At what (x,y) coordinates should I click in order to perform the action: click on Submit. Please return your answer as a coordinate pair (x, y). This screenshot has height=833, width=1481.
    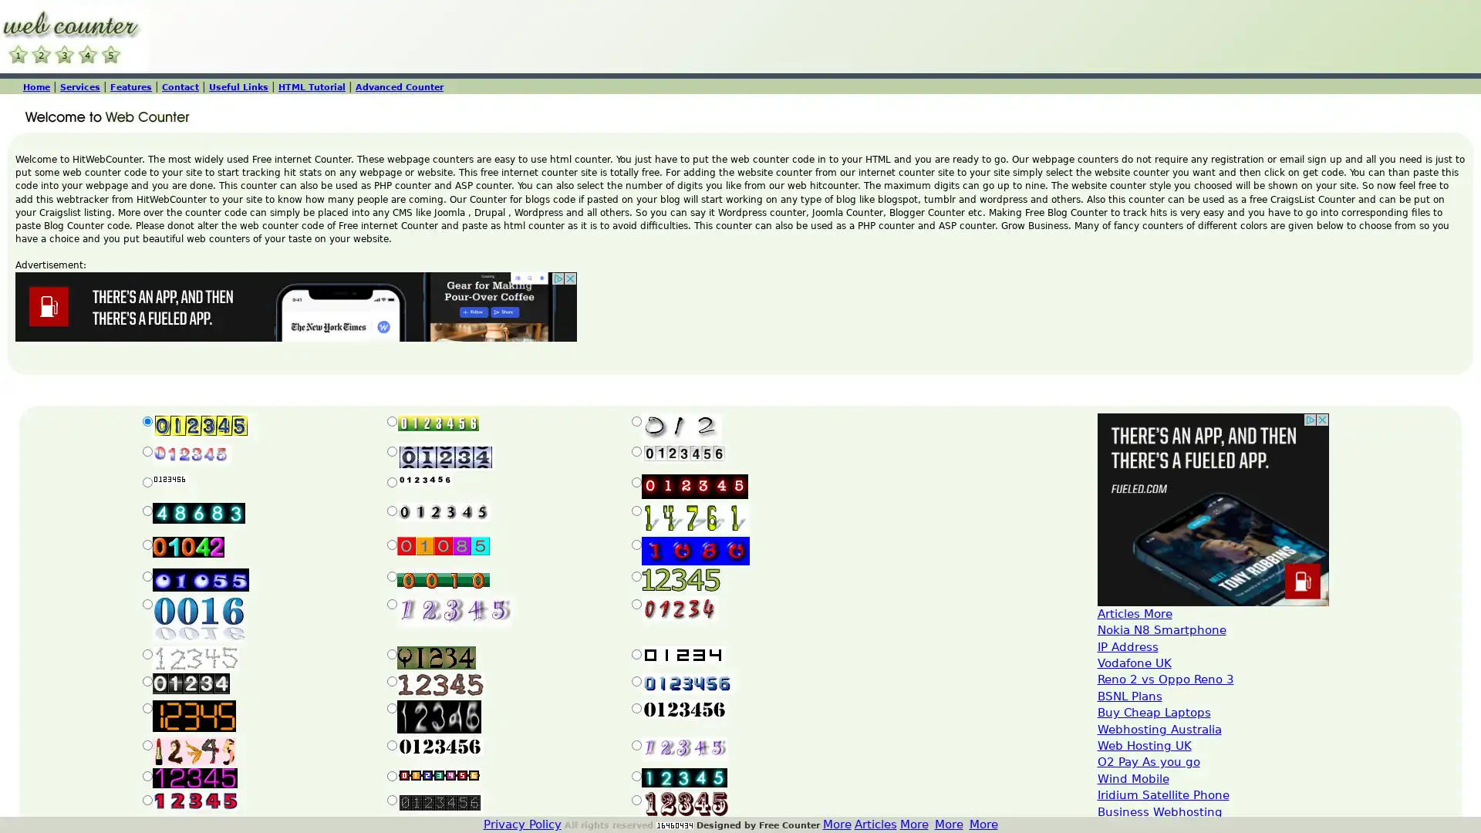
    Looking at the image, I should click on (680, 580).